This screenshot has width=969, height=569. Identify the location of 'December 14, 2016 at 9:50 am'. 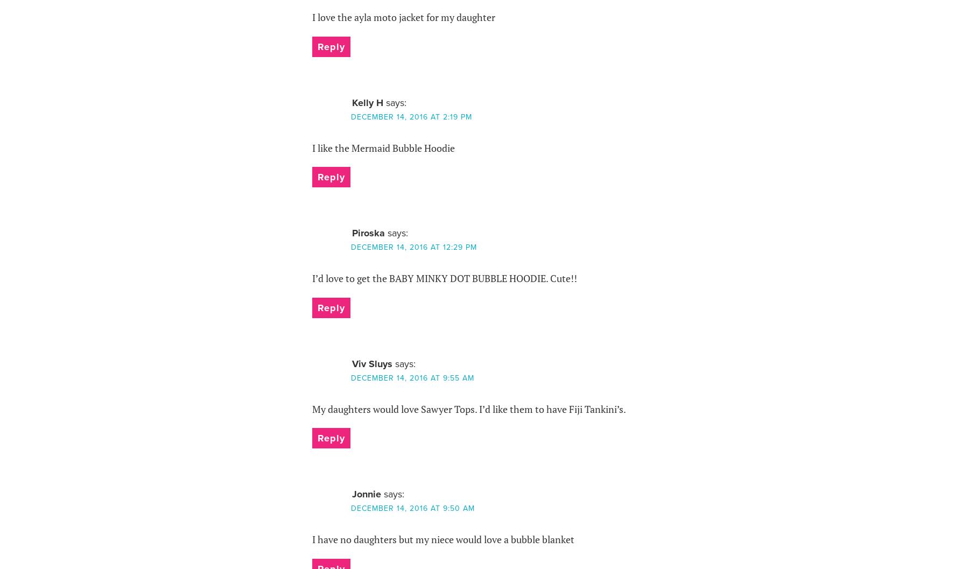
(350, 508).